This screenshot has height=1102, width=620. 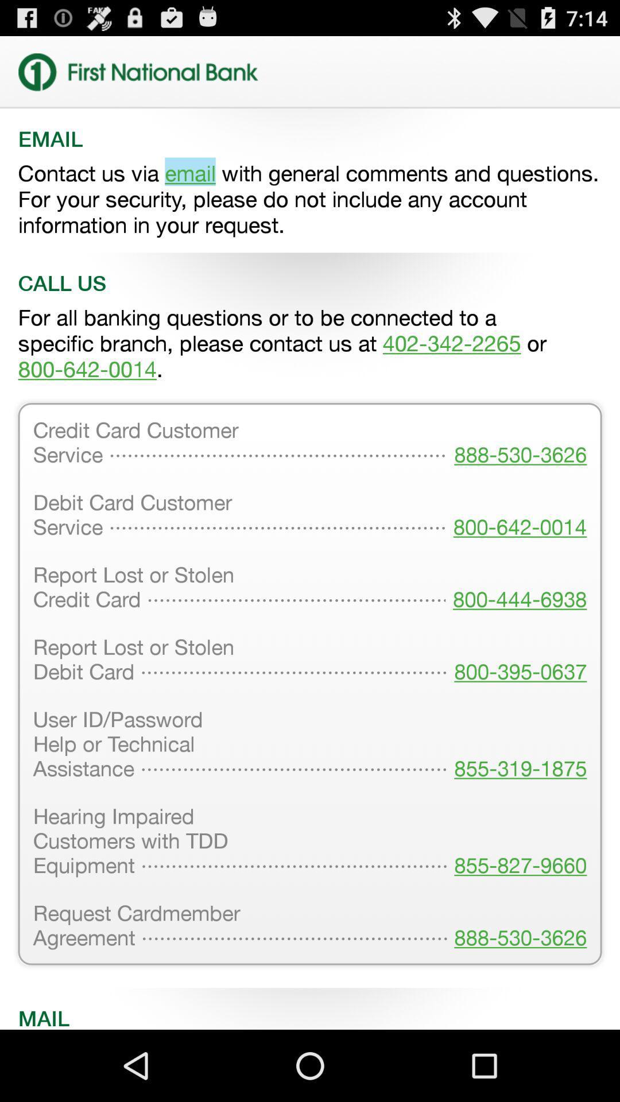 What do you see at coordinates (517, 842) in the screenshot?
I see `855-827-9660 icon` at bounding box center [517, 842].